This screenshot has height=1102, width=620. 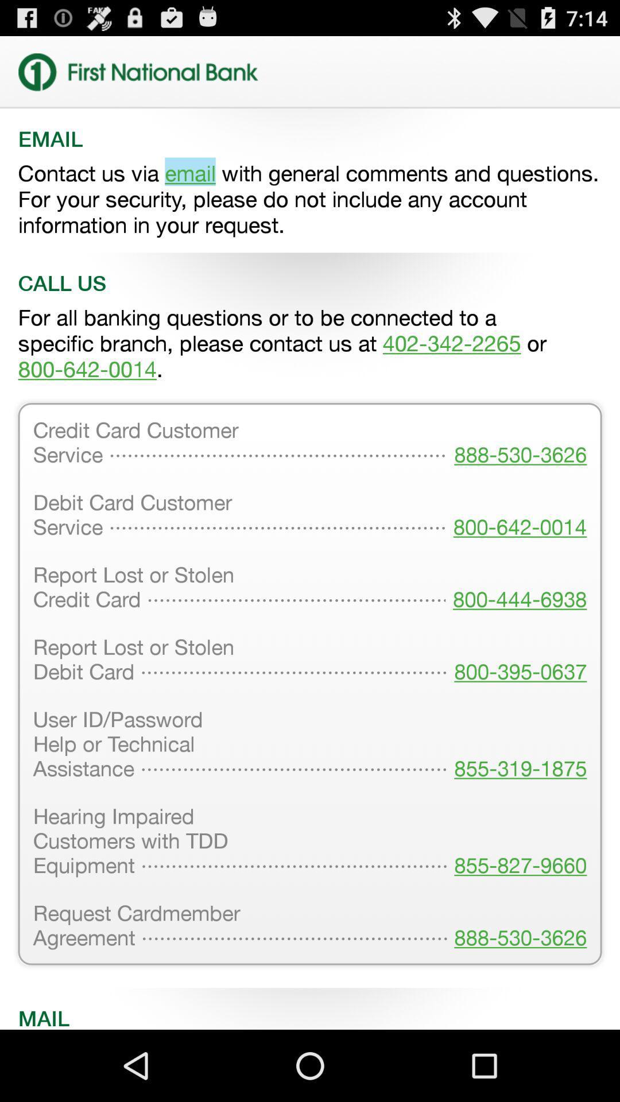 What do you see at coordinates (517, 842) in the screenshot?
I see `855-827-9660 icon` at bounding box center [517, 842].